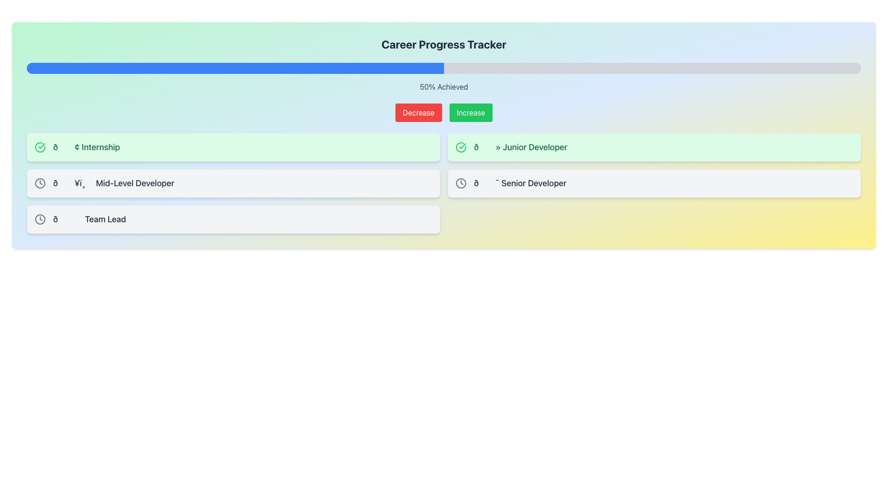  I want to click on the Label displaying '🚀 Team Lead', which is styled in a medium, large font and is located within the third card of a vertically stacked list of career progress levels, so click(89, 219).